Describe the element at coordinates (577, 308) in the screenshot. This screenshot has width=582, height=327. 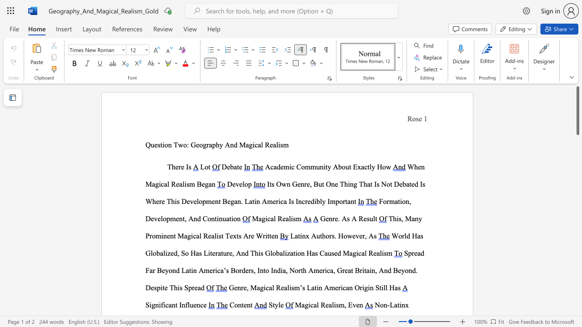
I see `the page's right scrollbar for downward movement` at that location.